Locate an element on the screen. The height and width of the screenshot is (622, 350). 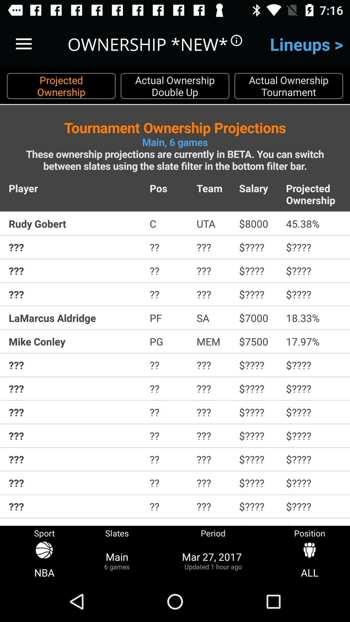
the icon next to ownership *new* item is located at coordinates (23, 44).